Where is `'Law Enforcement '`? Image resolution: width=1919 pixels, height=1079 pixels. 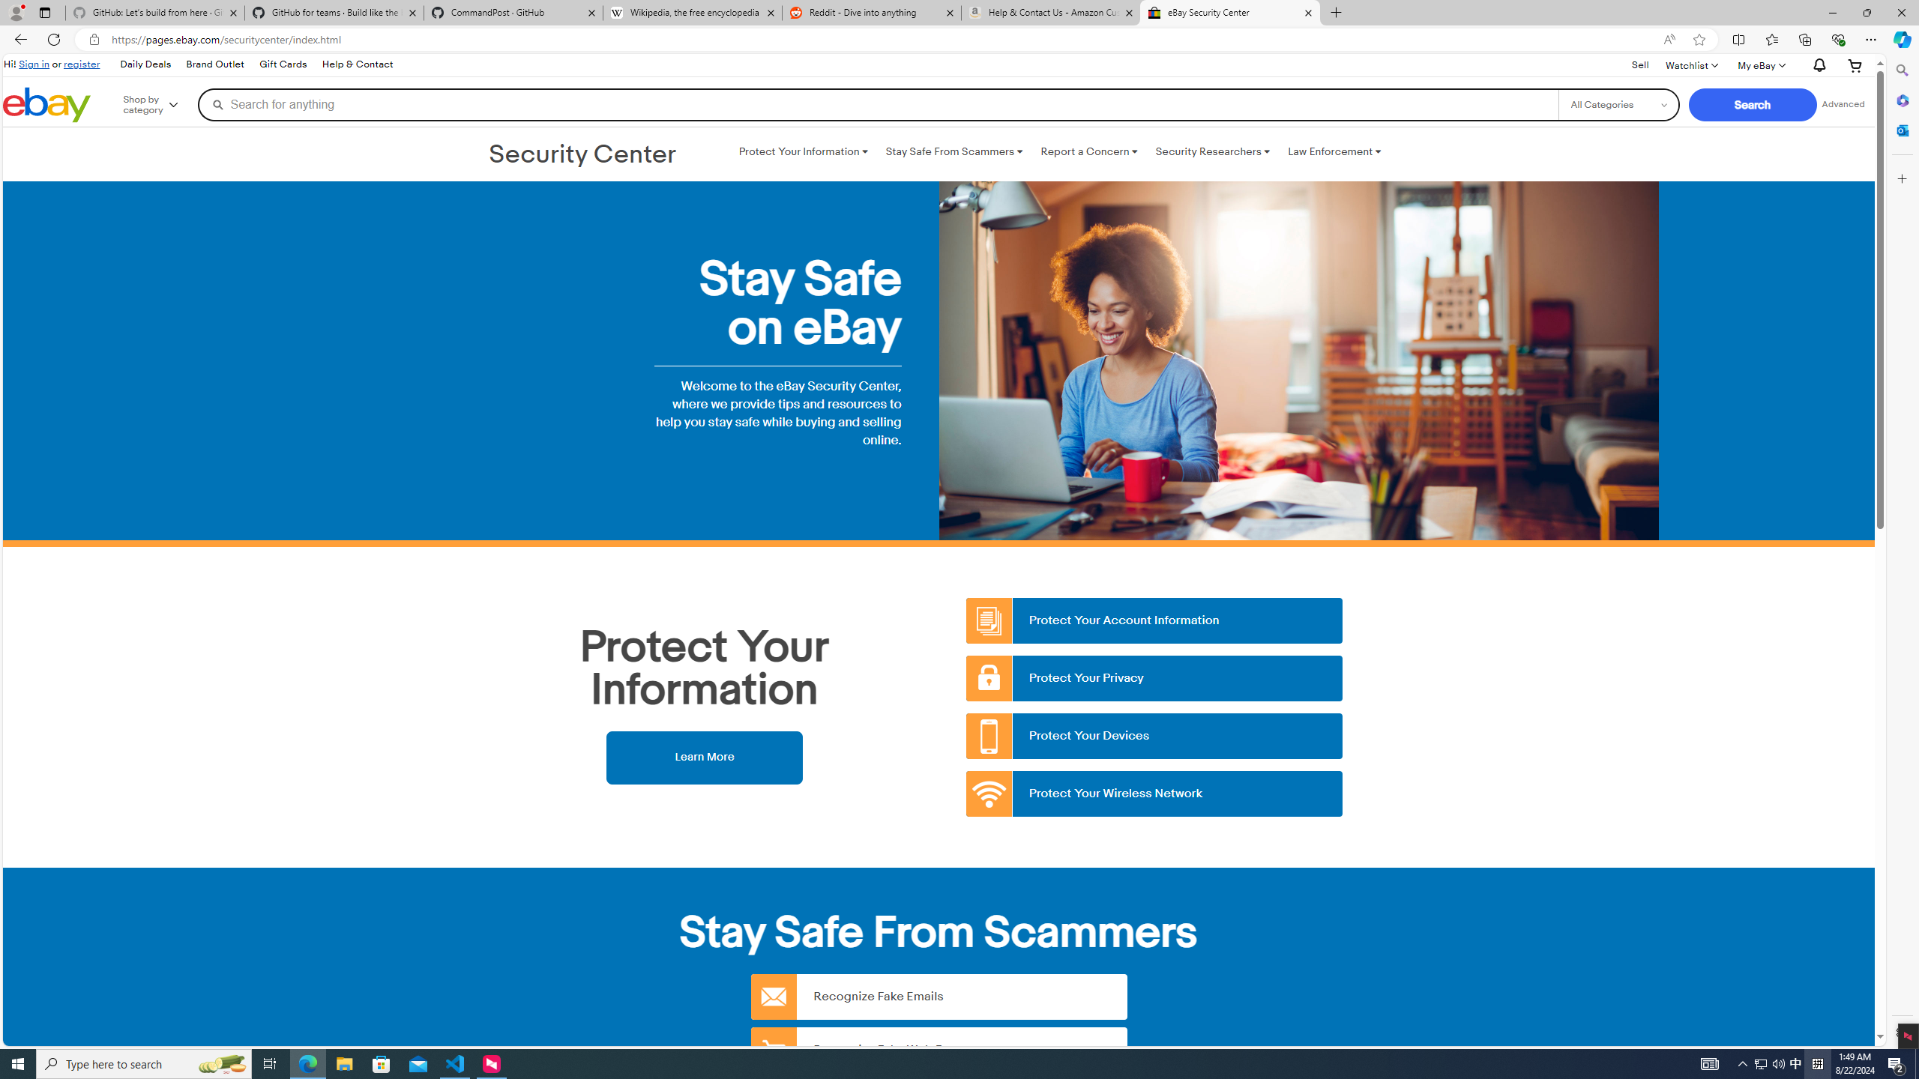 'Law Enforcement ' is located at coordinates (1334, 151).